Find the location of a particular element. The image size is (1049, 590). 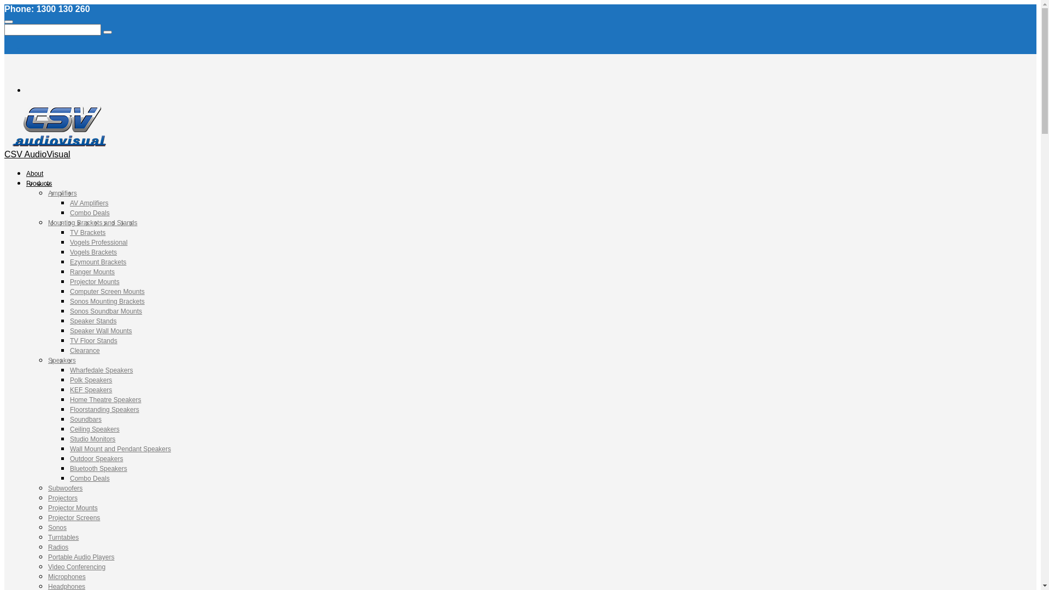

'KEF Speakers' is located at coordinates (91, 389).